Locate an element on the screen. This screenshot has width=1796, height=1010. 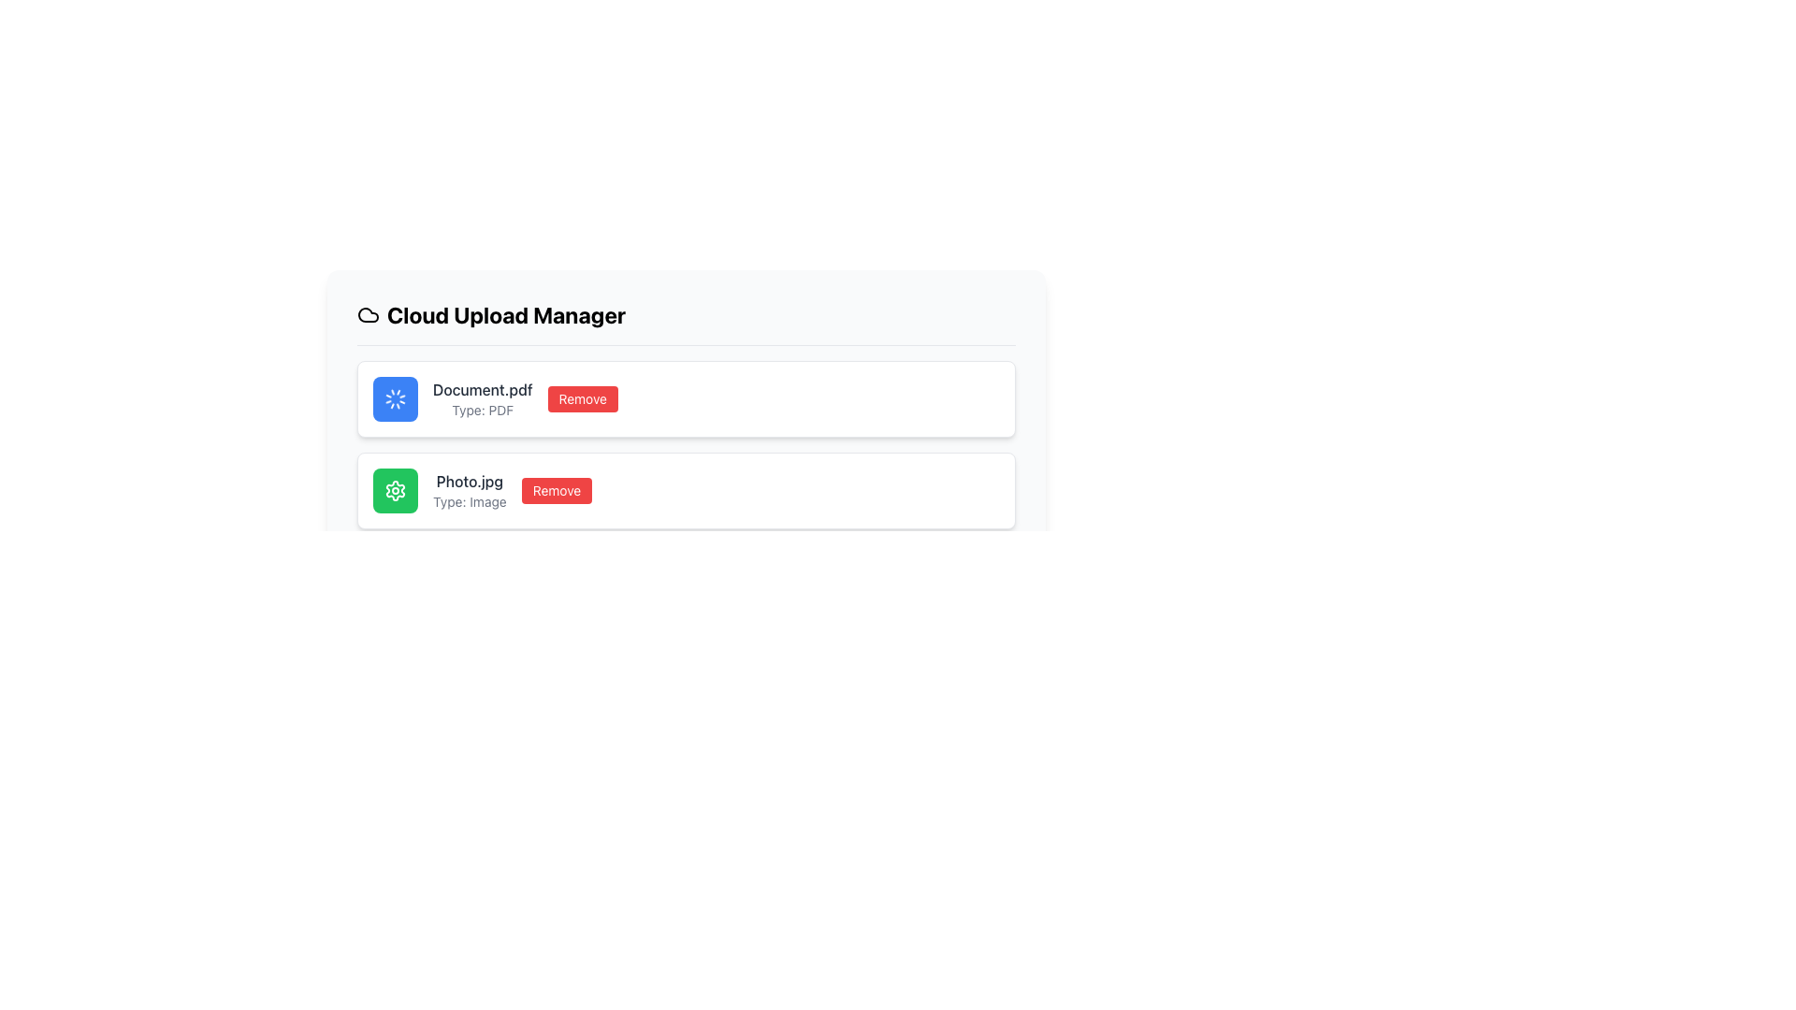
the remove button next to 'Photo.jpg' in the second file entry under 'Cloud Upload Manager' is located at coordinates (556, 489).